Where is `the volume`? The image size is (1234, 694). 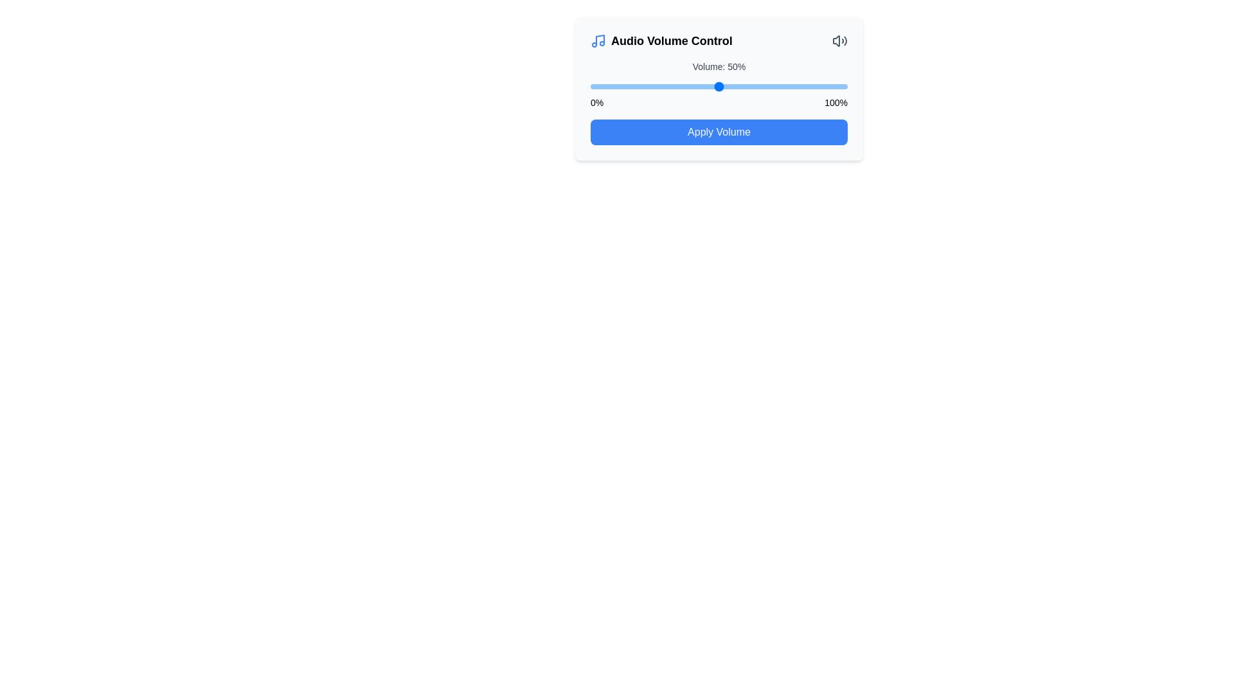 the volume is located at coordinates (724, 87).